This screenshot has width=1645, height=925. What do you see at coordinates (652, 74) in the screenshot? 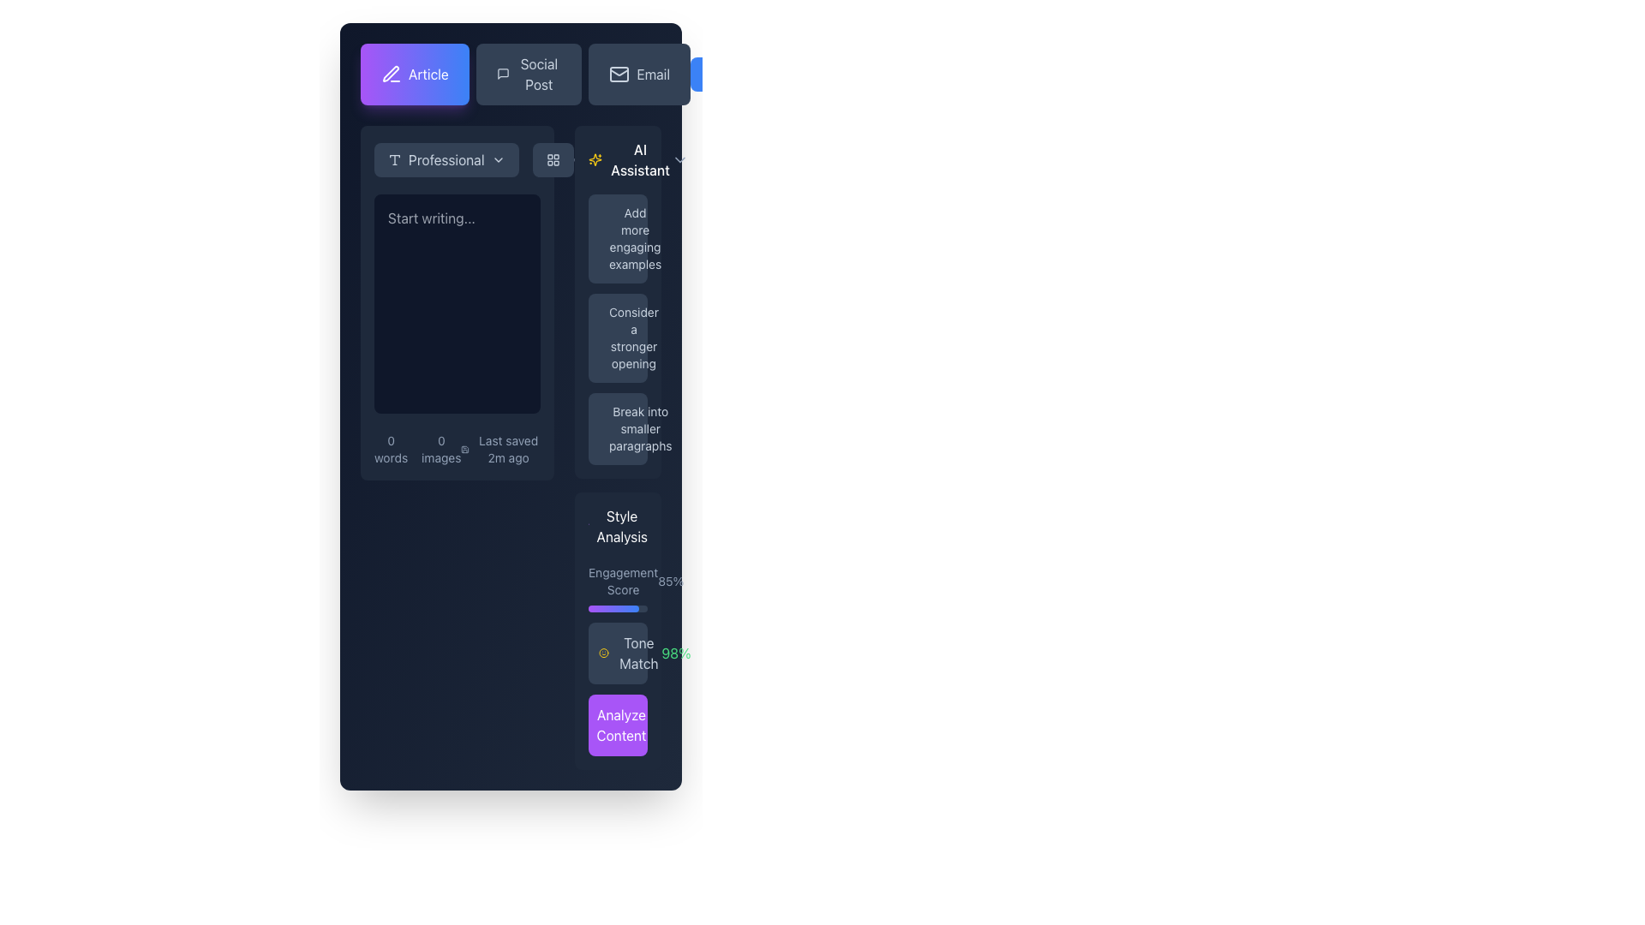
I see `the text label displaying 'Email' in light gray color, located to the right of the 'Social Post' button at the top right of the interface` at bounding box center [652, 74].